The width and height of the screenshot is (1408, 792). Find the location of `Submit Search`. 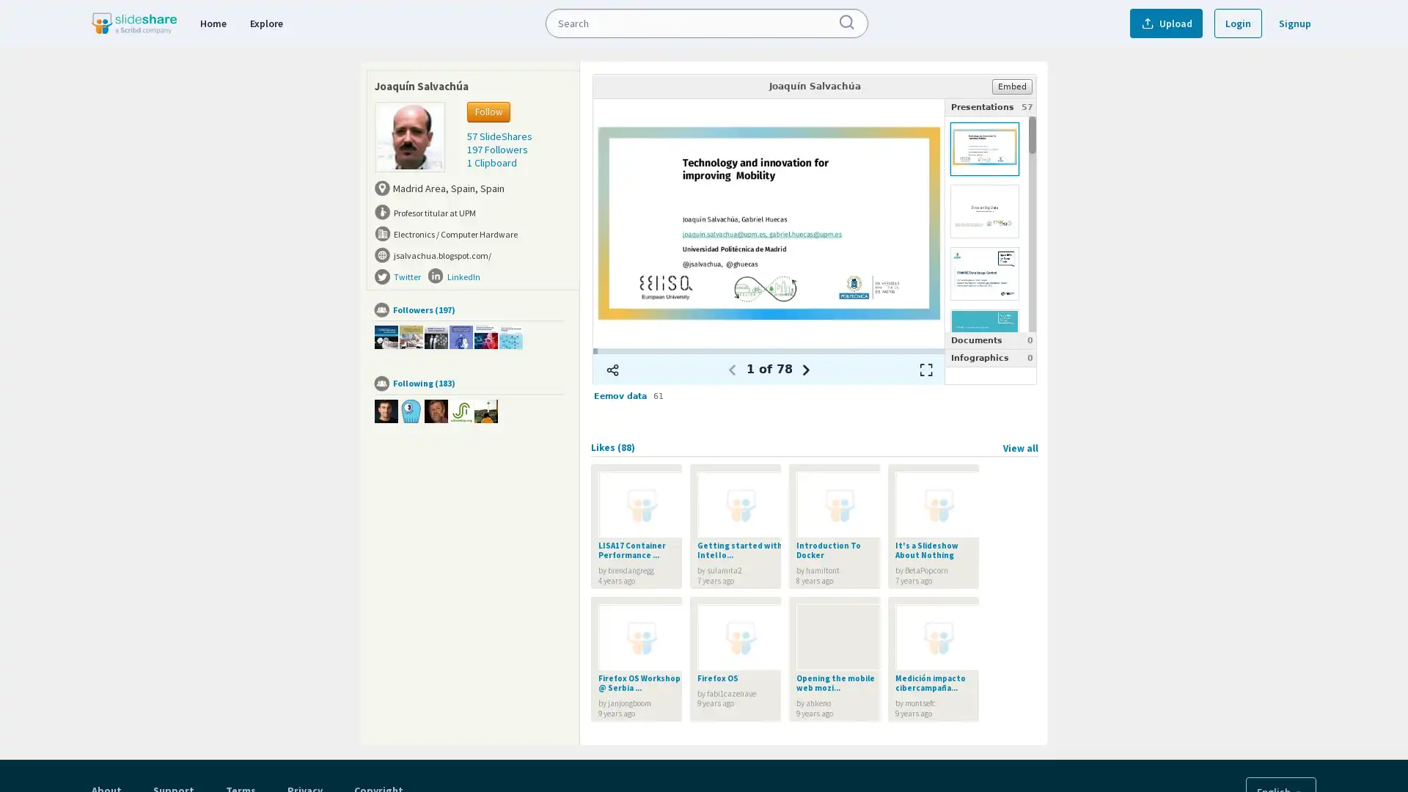

Submit Search is located at coordinates (845, 22).